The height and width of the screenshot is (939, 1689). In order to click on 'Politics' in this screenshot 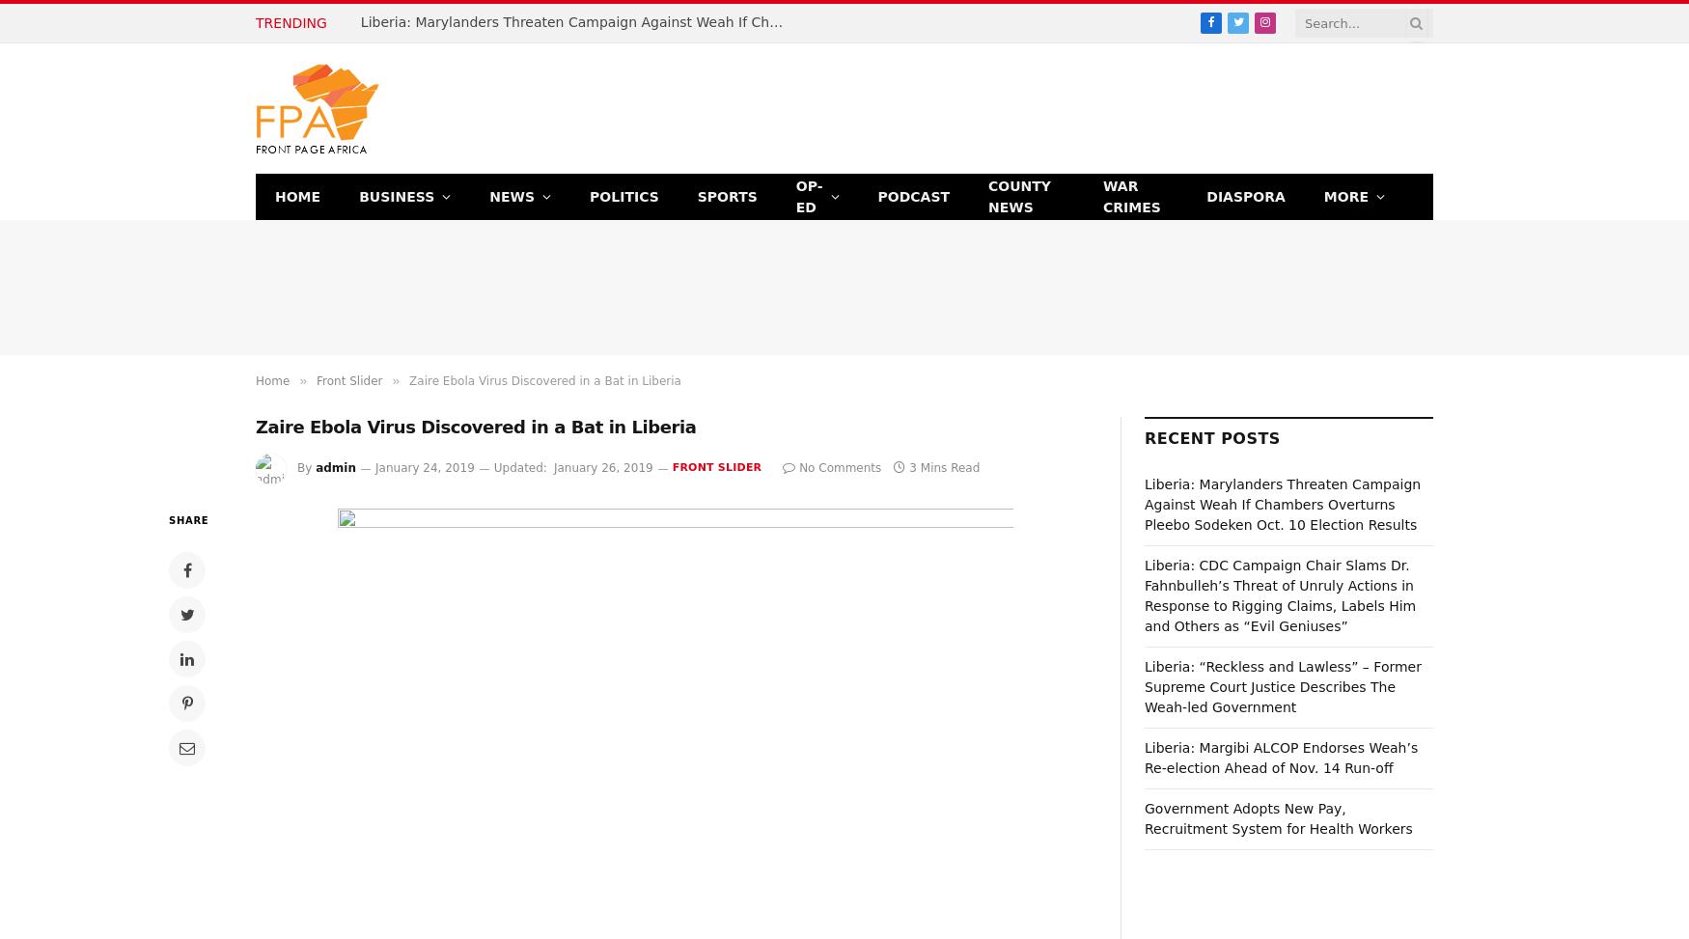, I will do `click(623, 195)`.